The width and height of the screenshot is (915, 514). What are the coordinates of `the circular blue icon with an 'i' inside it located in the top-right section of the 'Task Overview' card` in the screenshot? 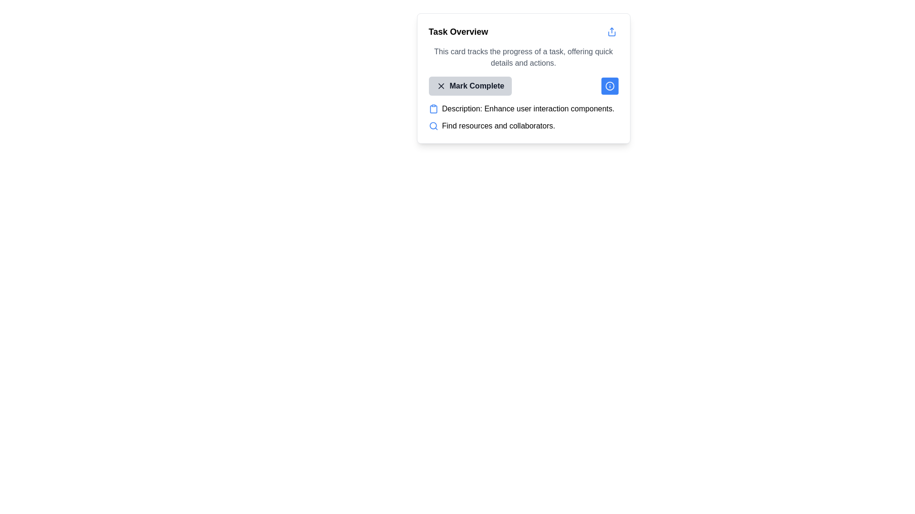 It's located at (609, 86).